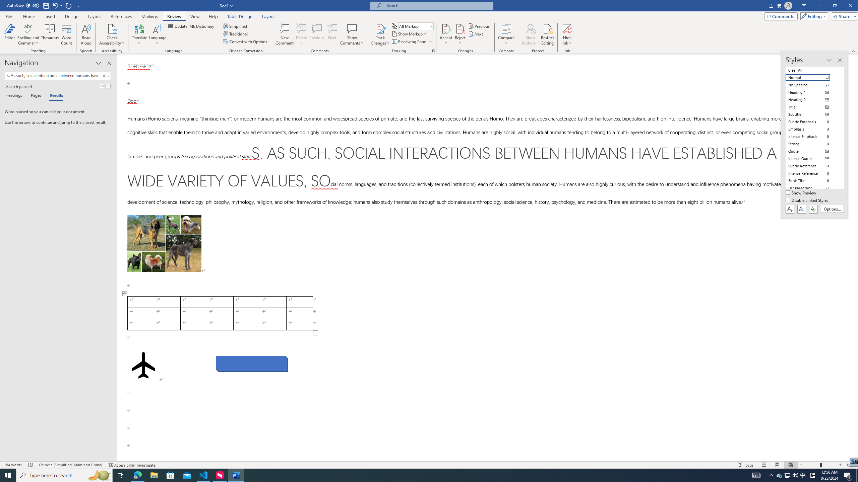 The width and height of the screenshot is (858, 482). What do you see at coordinates (143, 365) in the screenshot?
I see `'Airplane with solid fill'` at bounding box center [143, 365].